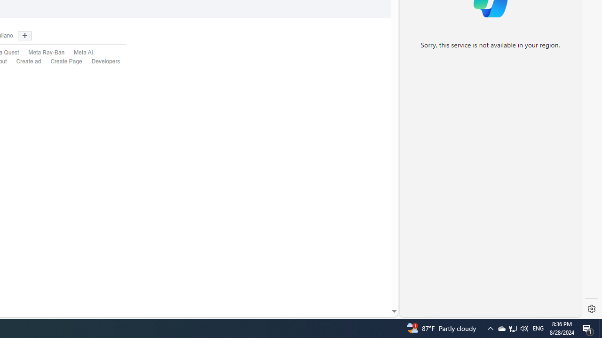 The height and width of the screenshot is (338, 602). What do you see at coordinates (41, 53) in the screenshot?
I see `'Meta Ray-Ban'` at bounding box center [41, 53].